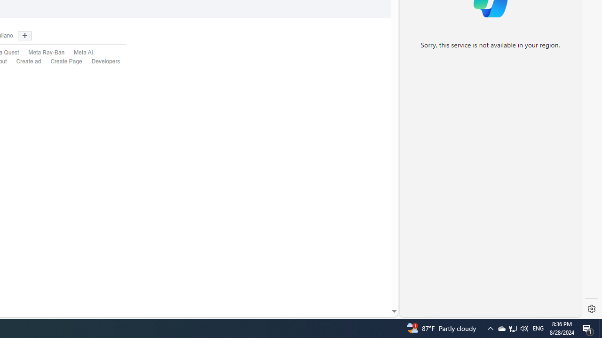 The height and width of the screenshot is (338, 602). What do you see at coordinates (41, 53) in the screenshot?
I see `'Meta Ray-Ban'` at bounding box center [41, 53].